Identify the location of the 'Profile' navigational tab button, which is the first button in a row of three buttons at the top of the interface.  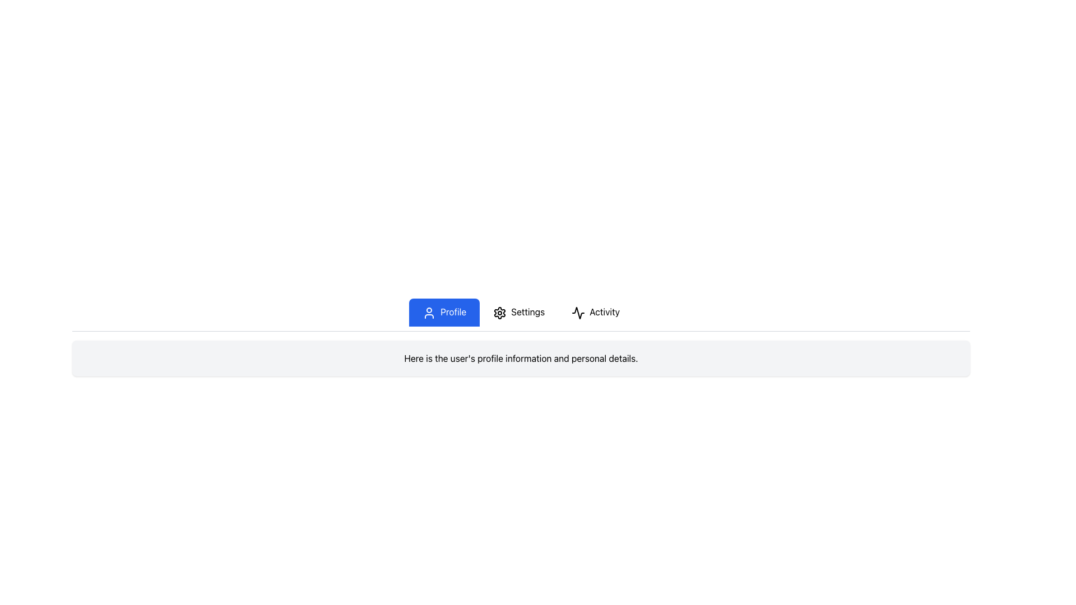
(444, 312).